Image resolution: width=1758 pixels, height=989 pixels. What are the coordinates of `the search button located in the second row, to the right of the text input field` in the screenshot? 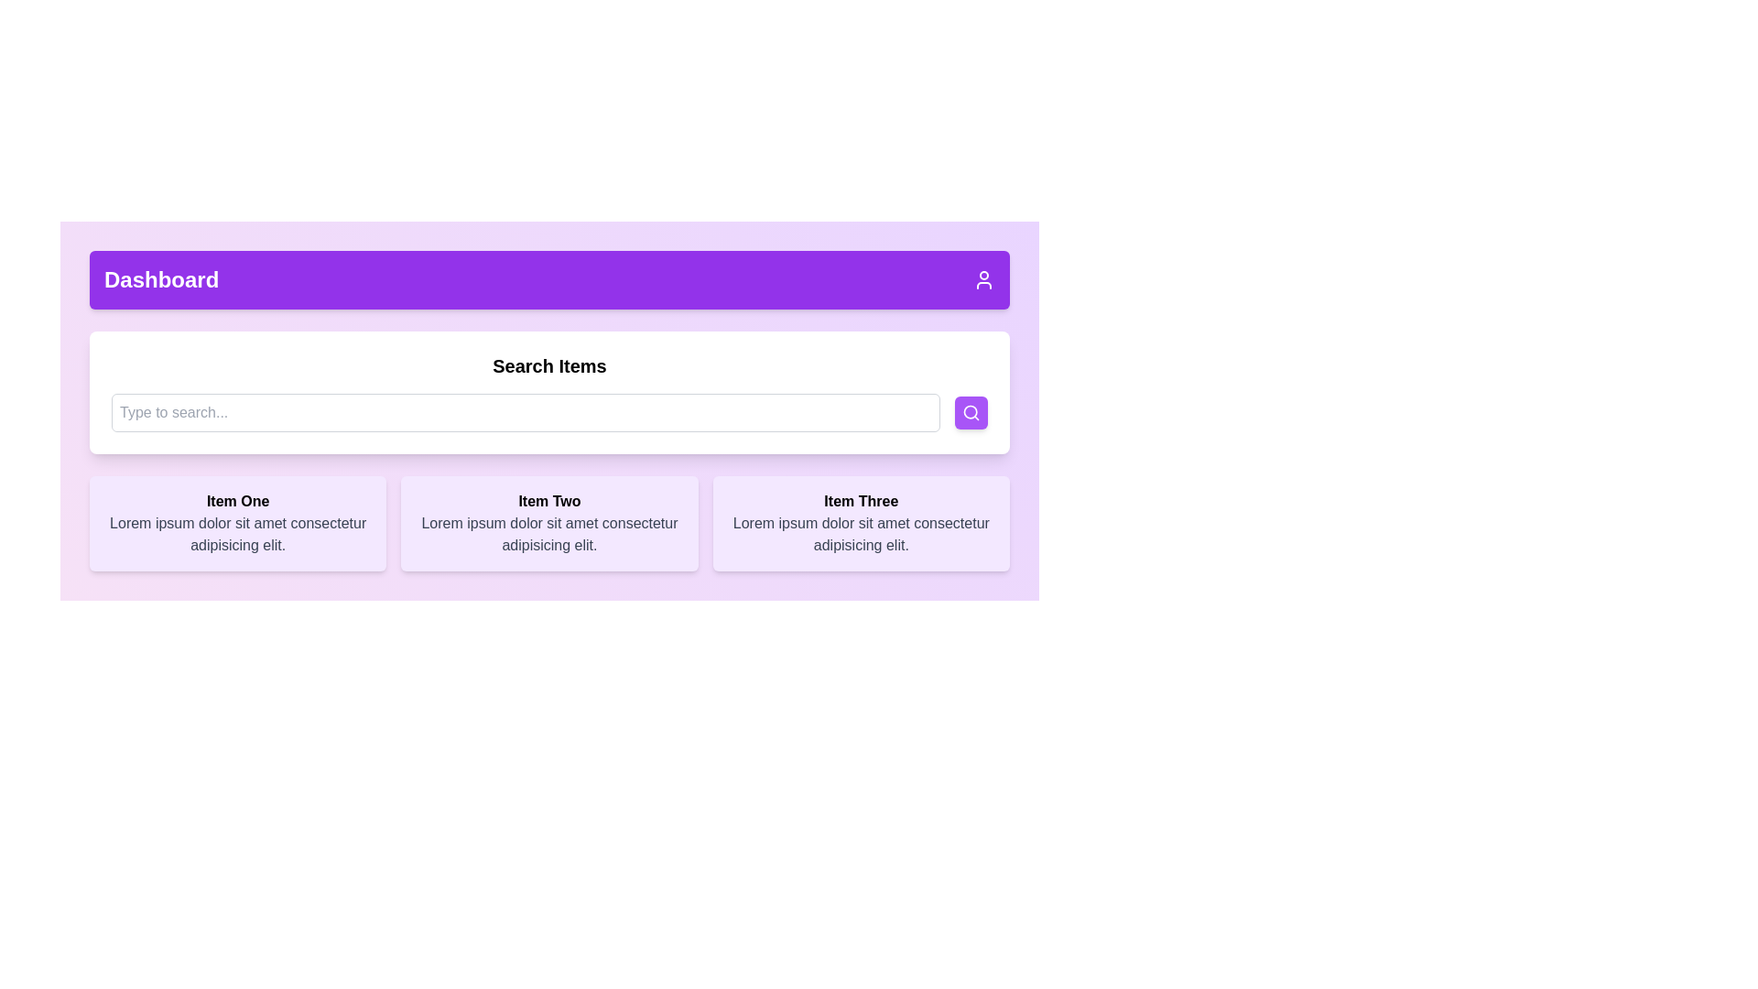 It's located at (970, 413).